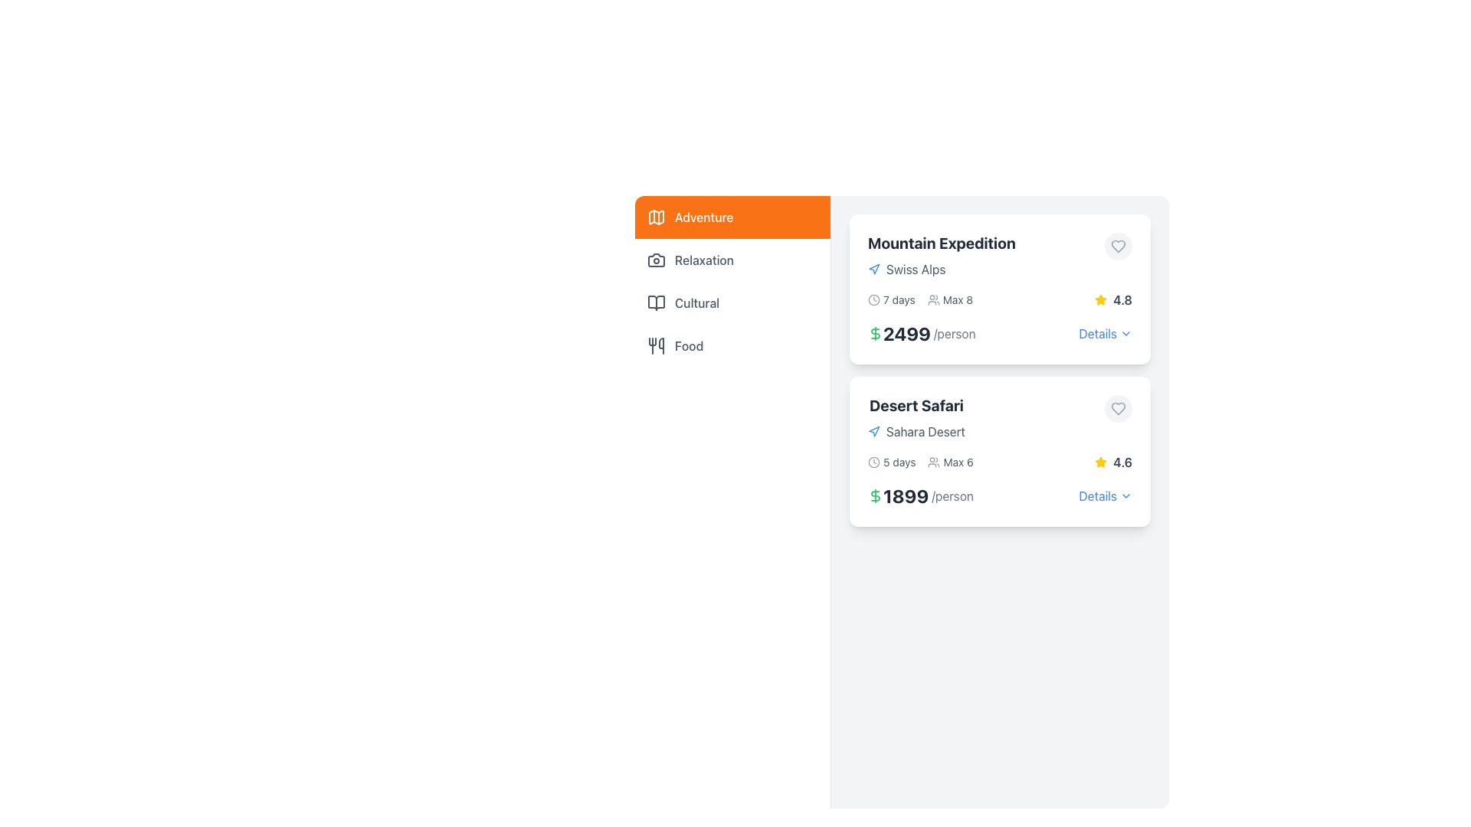 Image resolution: width=1471 pixels, height=827 pixels. I want to click on the 'Cultural' text label in the navigation menu, so click(696, 303).